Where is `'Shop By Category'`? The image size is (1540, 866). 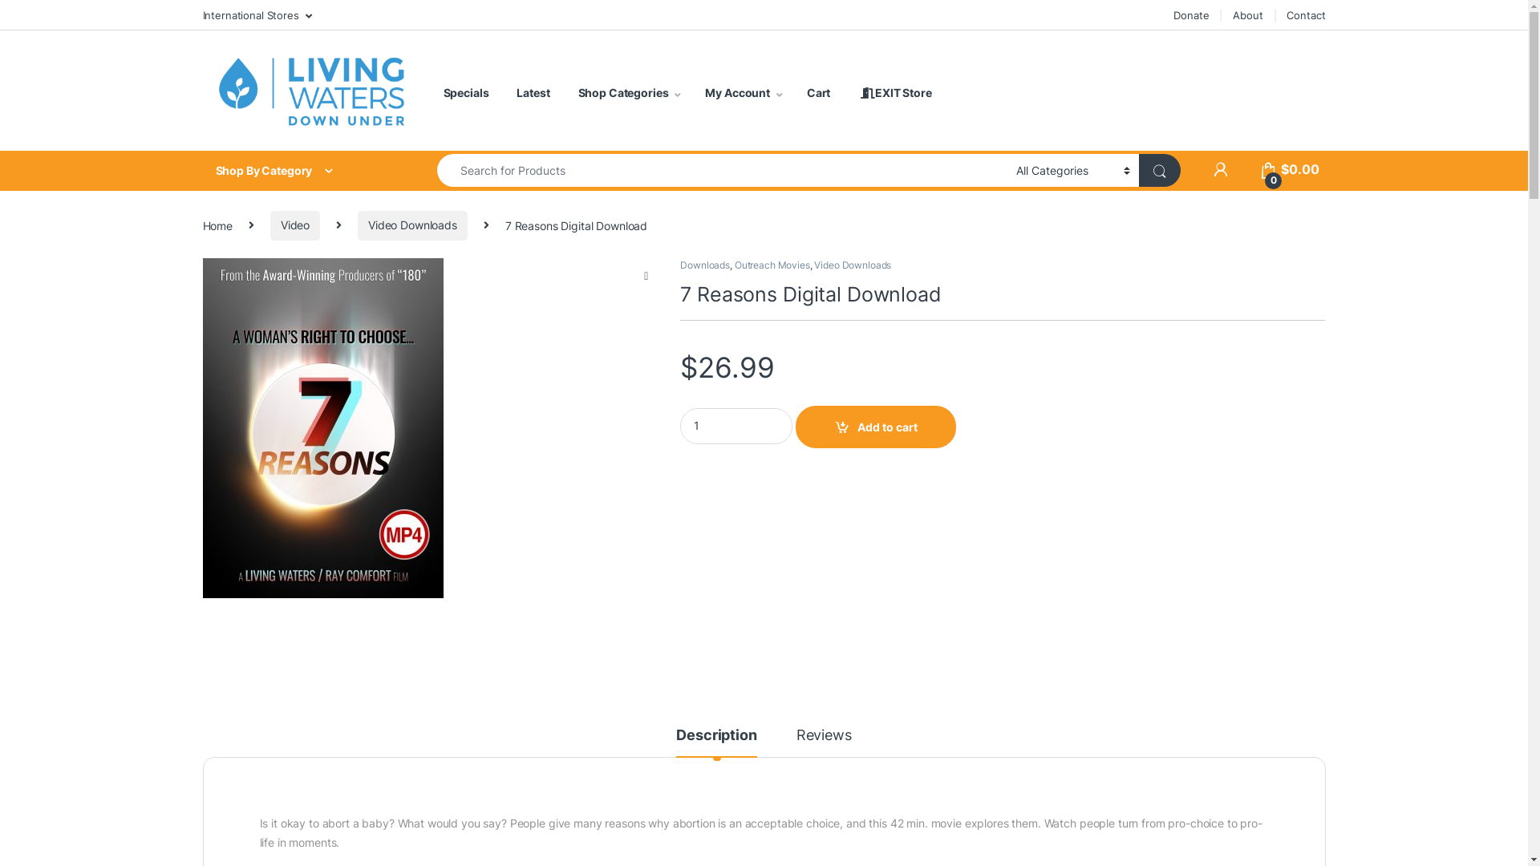
'Shop By Category' is located at coordinates (304, 170).